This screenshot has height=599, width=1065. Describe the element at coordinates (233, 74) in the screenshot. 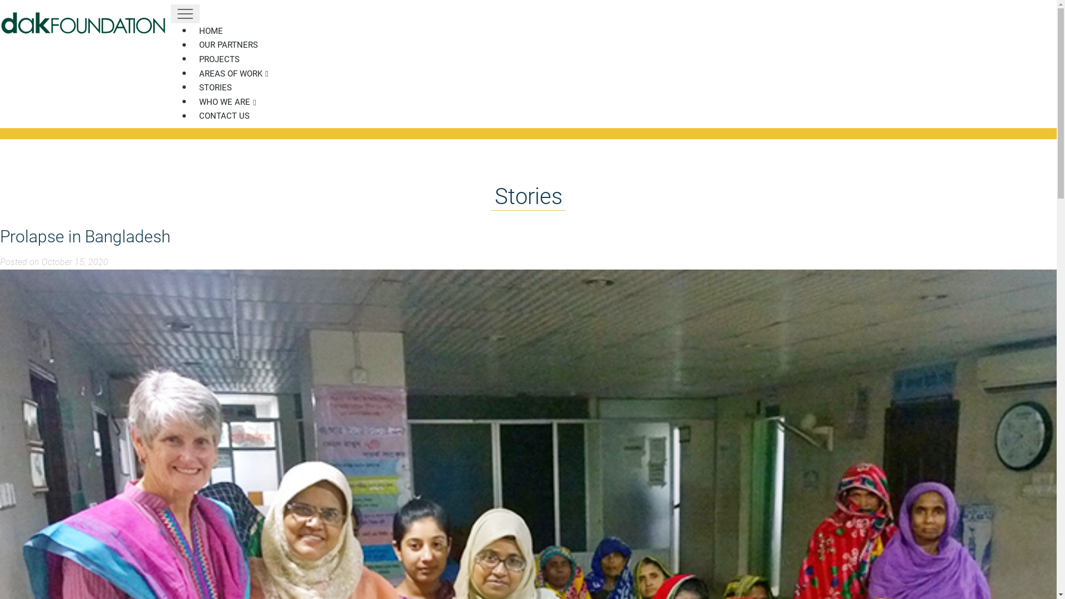

I see `'AREAS OF WORK'` at that location.